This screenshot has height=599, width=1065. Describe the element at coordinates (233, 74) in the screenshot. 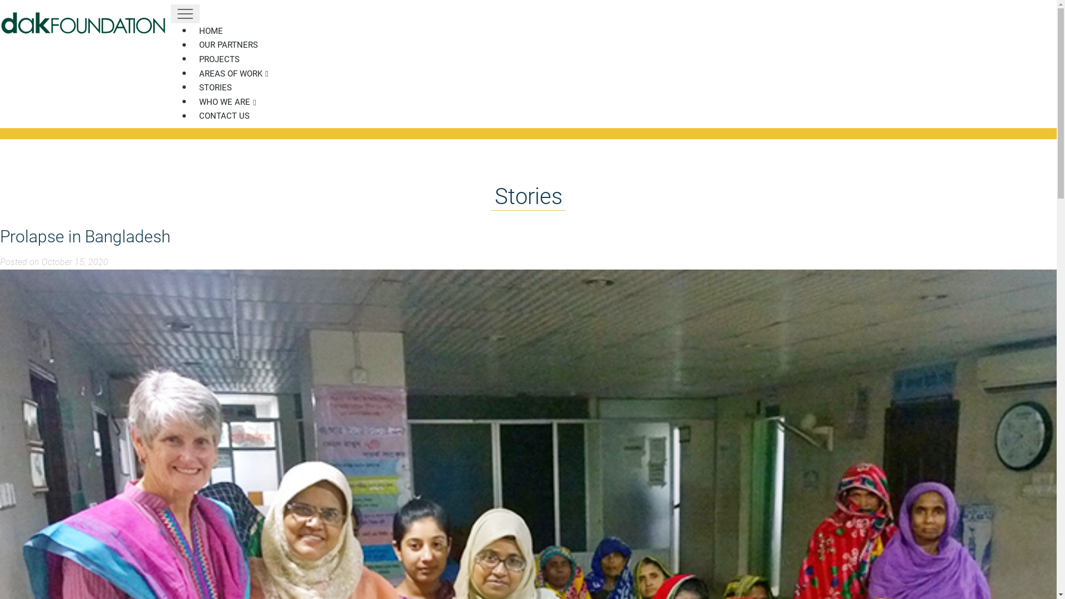

I see `'AREAS OF WORK'` at that location.